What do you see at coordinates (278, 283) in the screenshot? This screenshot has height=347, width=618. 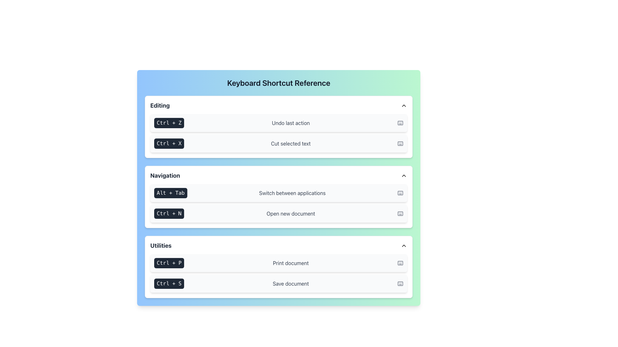 I see `the Keyboard Shortcut Information Block located in the 'Utilities' section, which indicates that pressing 'Ctrl + S' saves the document` at bounding box center [278, 283].